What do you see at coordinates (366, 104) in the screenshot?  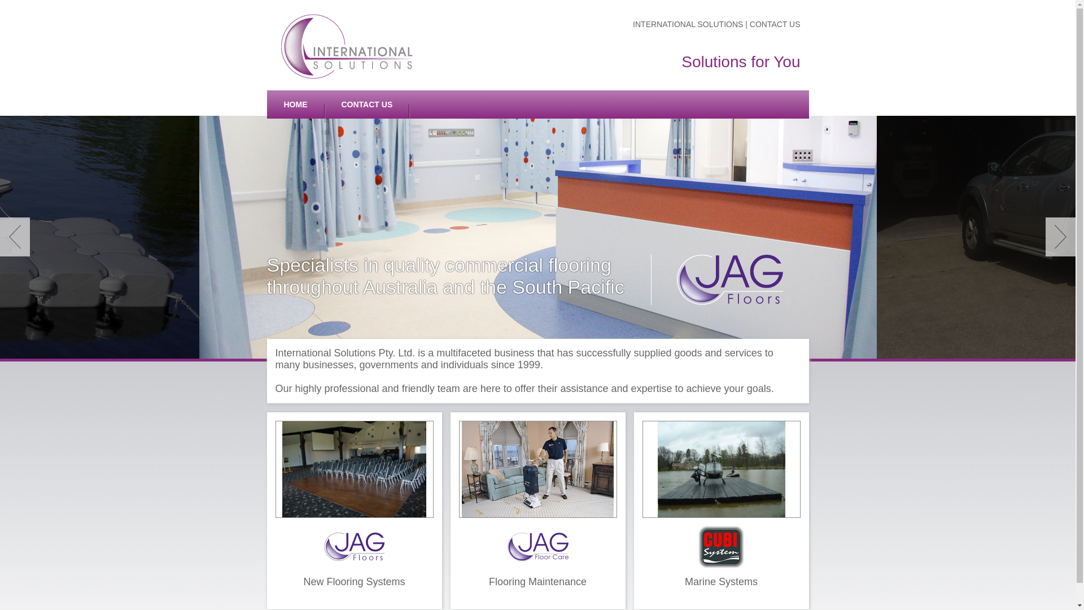 I see `'CONTACT US'` at bounding box center [366, 104].